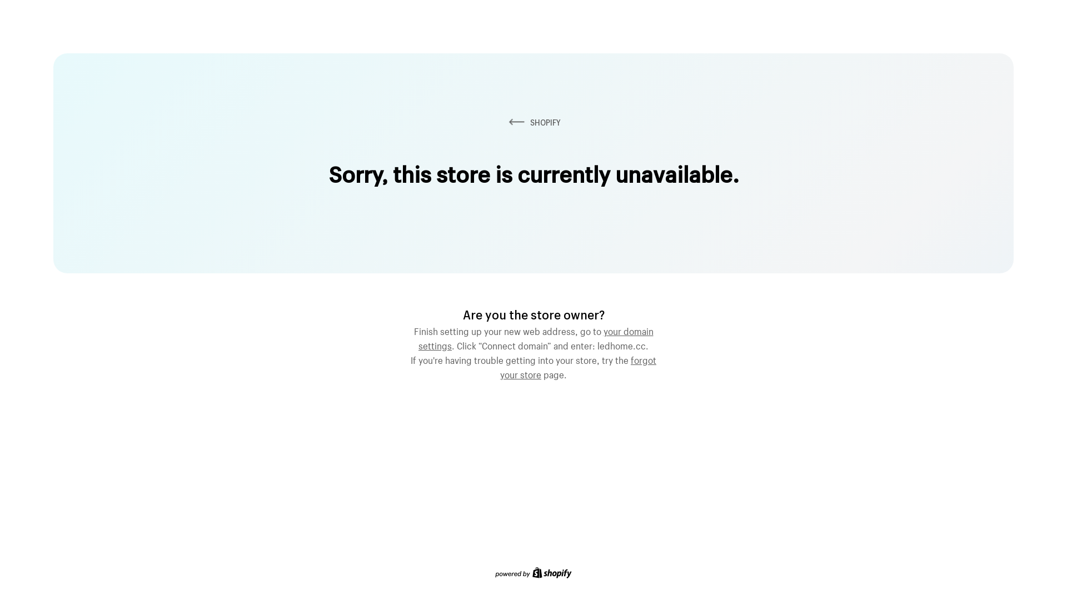  What do you see at coordinates (578, 366) in the screenshot?
I see `'forgot your store'` at bounding box center [578, 366].